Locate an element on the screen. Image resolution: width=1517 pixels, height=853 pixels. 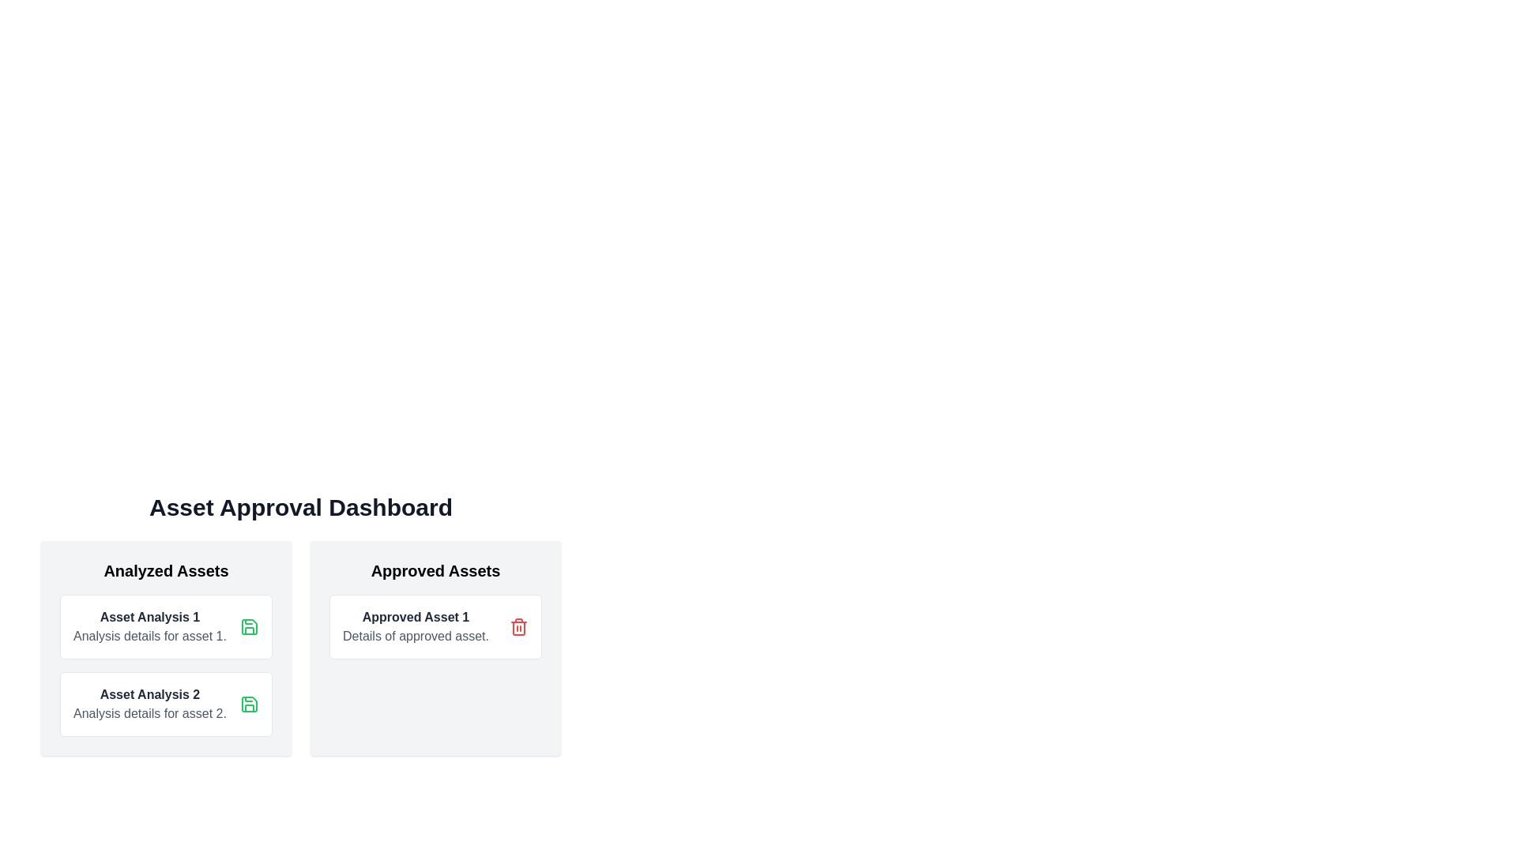
the text label element containing 'Details of approved asset.', which is located beneath 'Approved Asset 1' in the 'Approved Assets' section is located at coordinates (416, 636).